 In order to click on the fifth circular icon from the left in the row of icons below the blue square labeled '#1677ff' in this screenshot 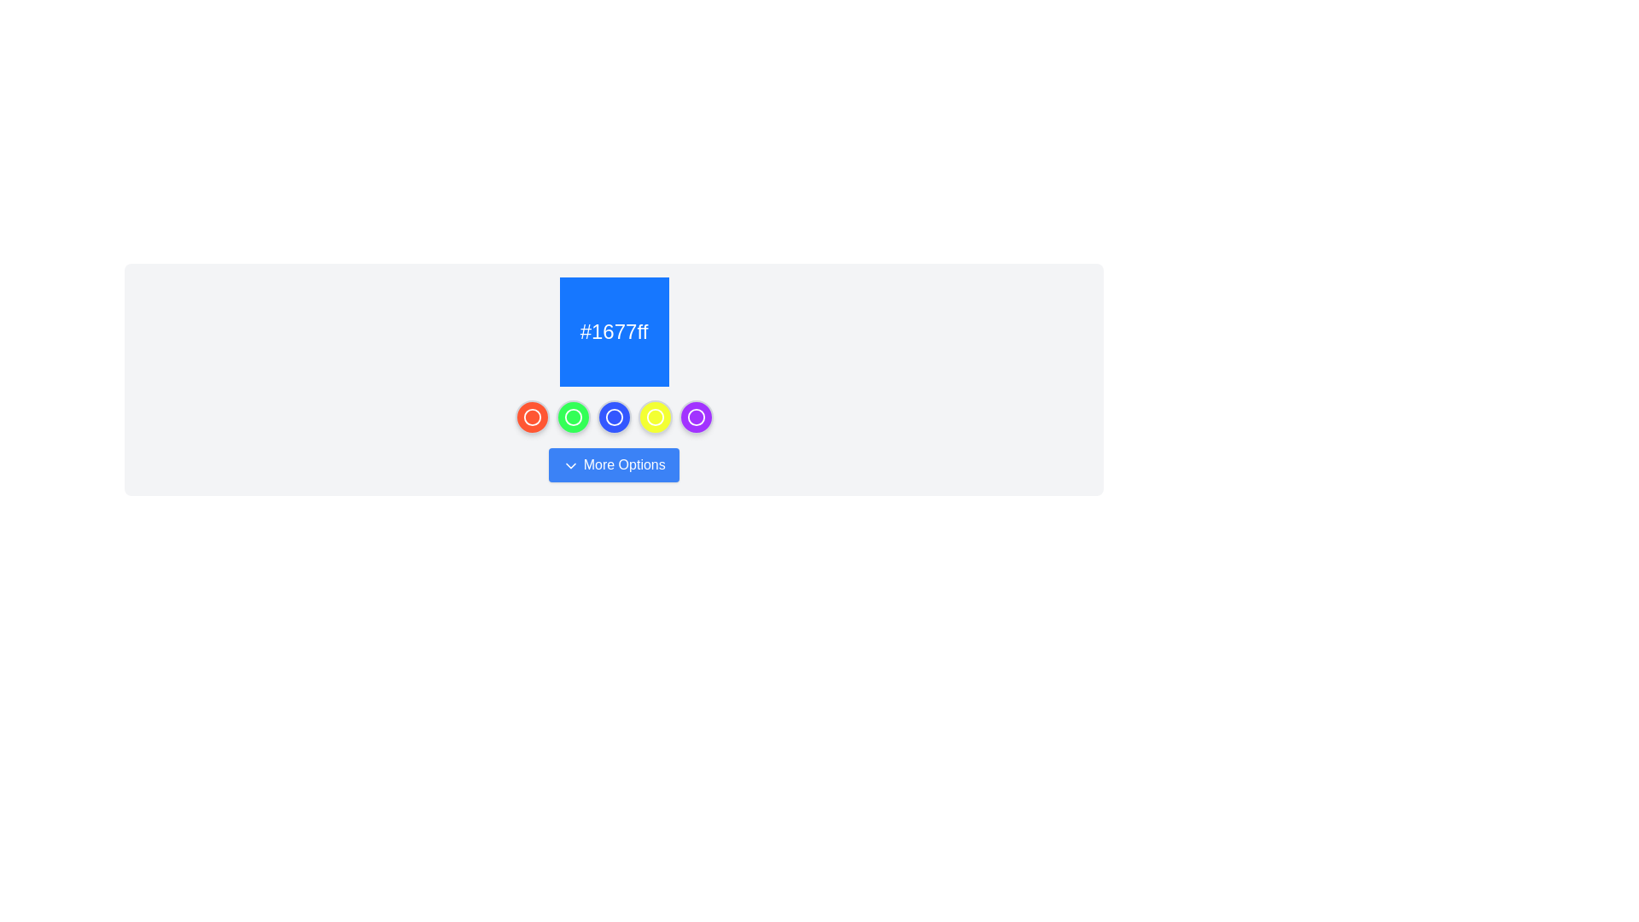, I will do `click(696, 417)`.